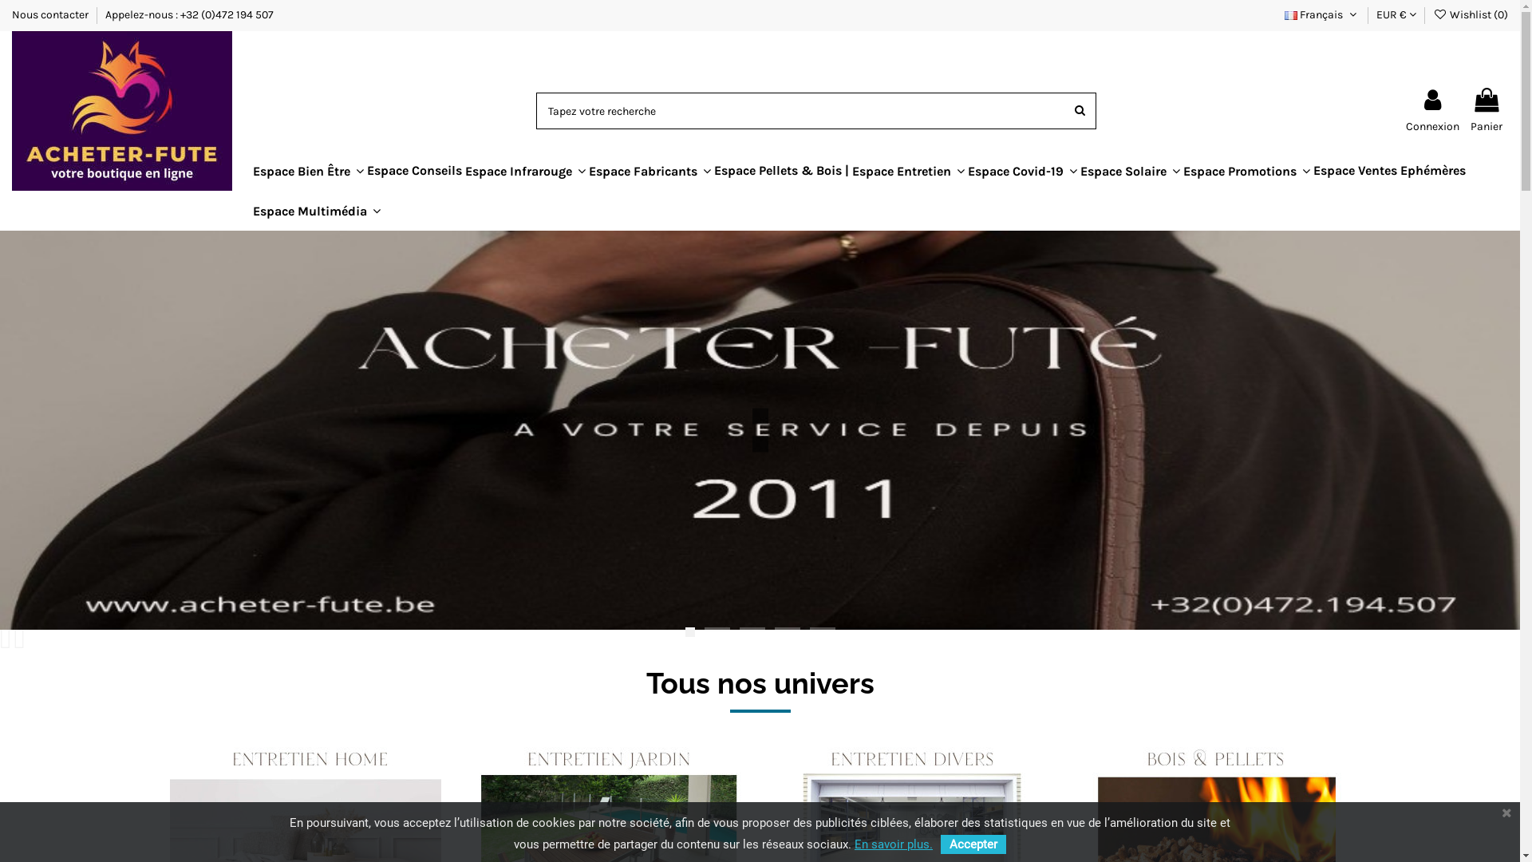  Describe the element at coordinates (189, 14) in the screenshot. I see `'Appelez-nous : +32 (0)472 194 507'` at that location.